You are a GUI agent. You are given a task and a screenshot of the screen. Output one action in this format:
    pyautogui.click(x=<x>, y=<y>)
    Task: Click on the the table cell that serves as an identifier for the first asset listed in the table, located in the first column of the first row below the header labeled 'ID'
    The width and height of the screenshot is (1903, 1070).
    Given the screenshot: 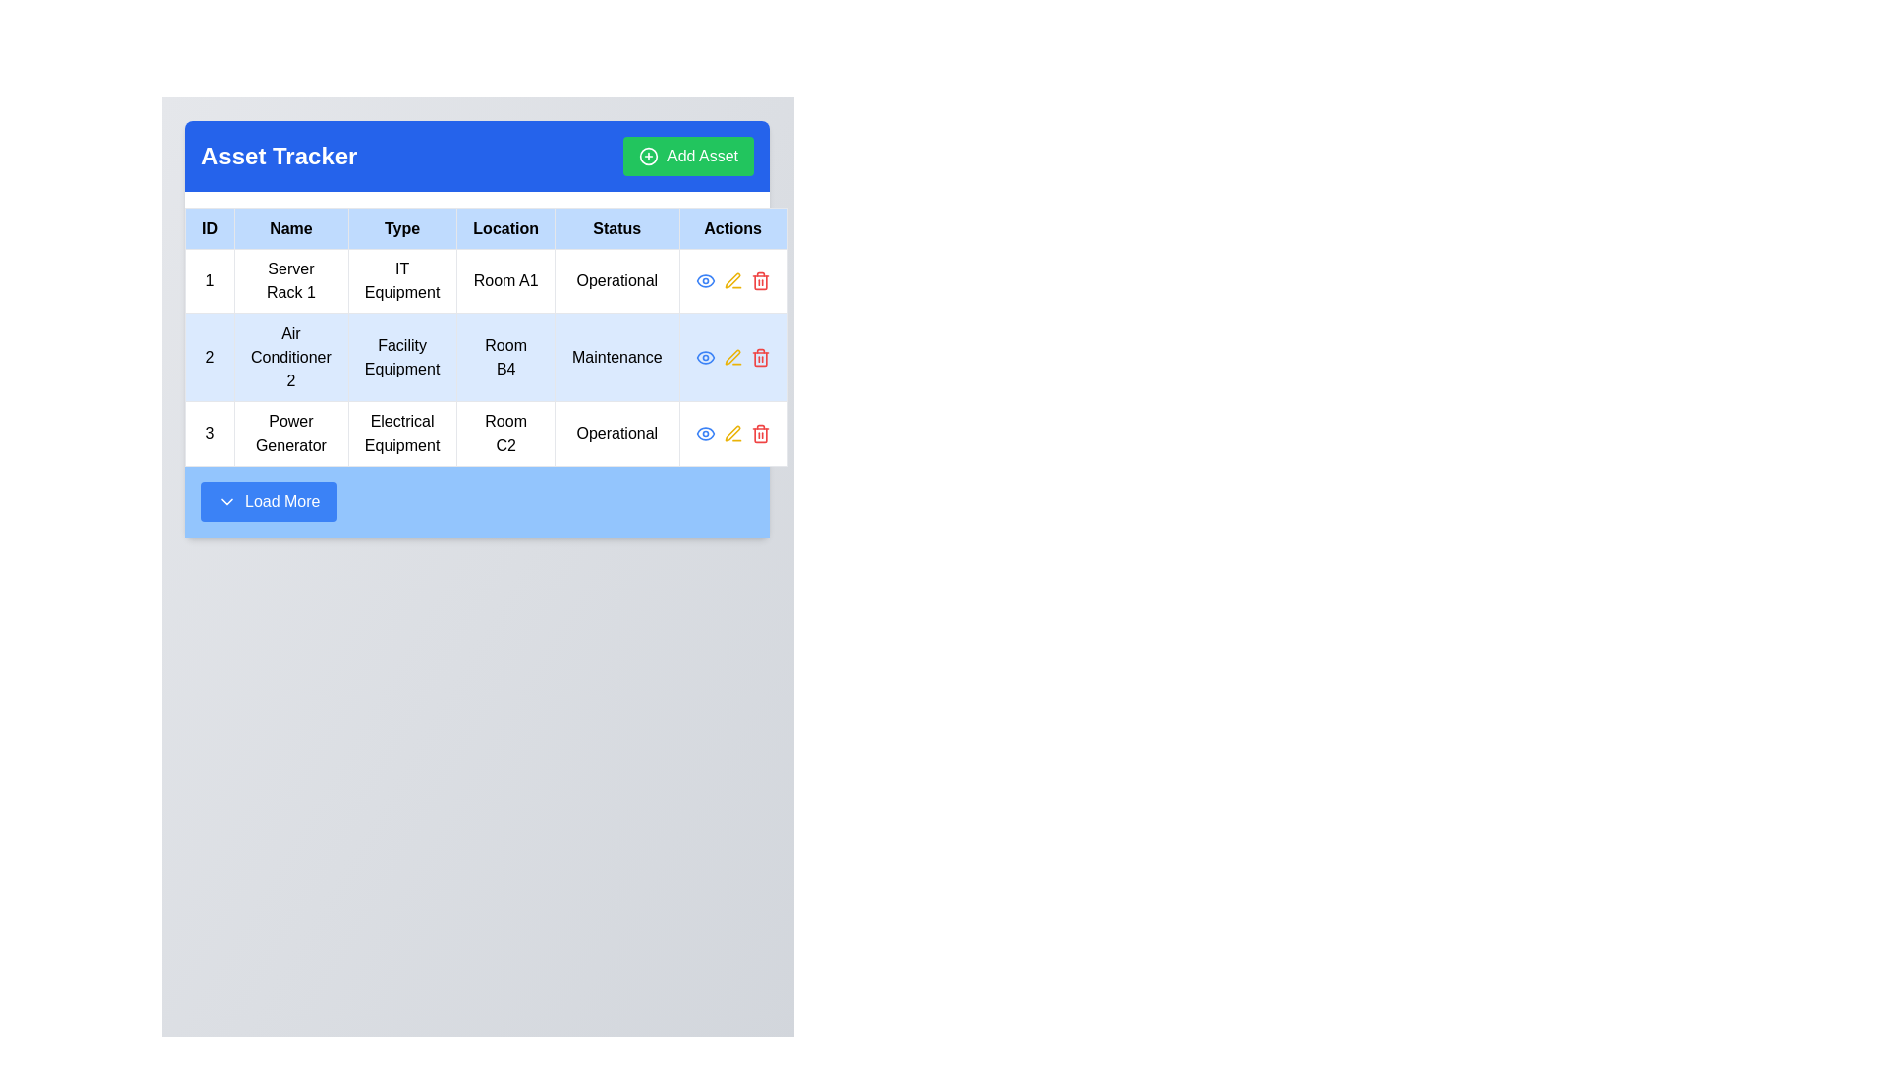 What is the action you would take?
    pyautogui.click(x=209, y=281)
    